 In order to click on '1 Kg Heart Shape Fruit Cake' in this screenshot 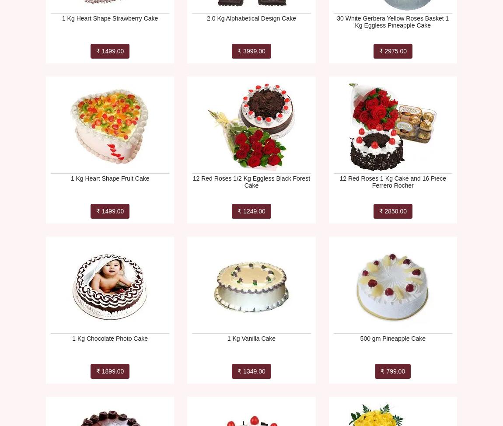, I will do `click(109, 178)`.